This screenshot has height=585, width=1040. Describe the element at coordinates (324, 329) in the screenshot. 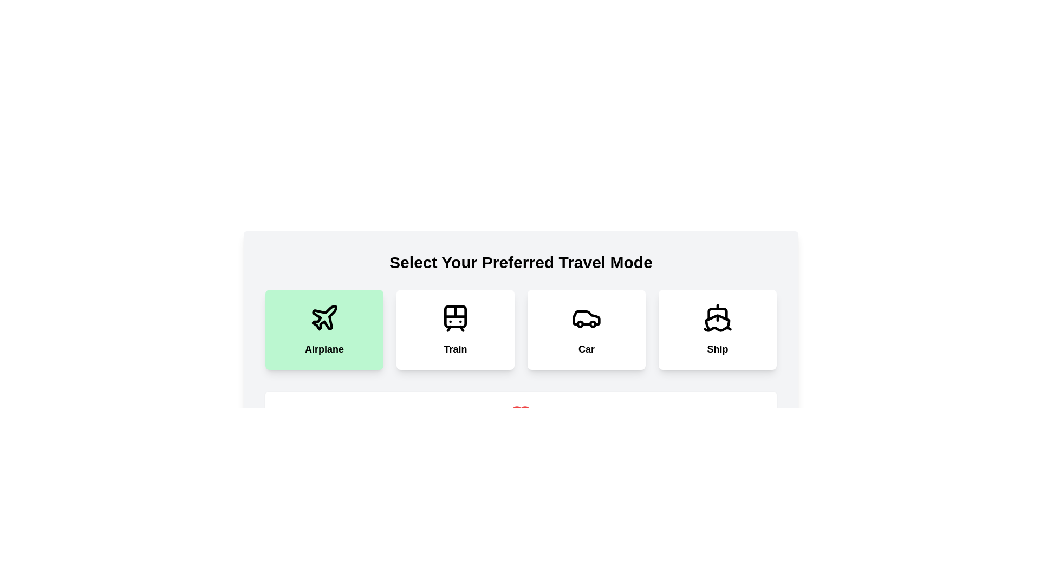

I see `the 'Airplane' option button, which is the first card in a horizontal grid layout for selecting travel modes` at that location.